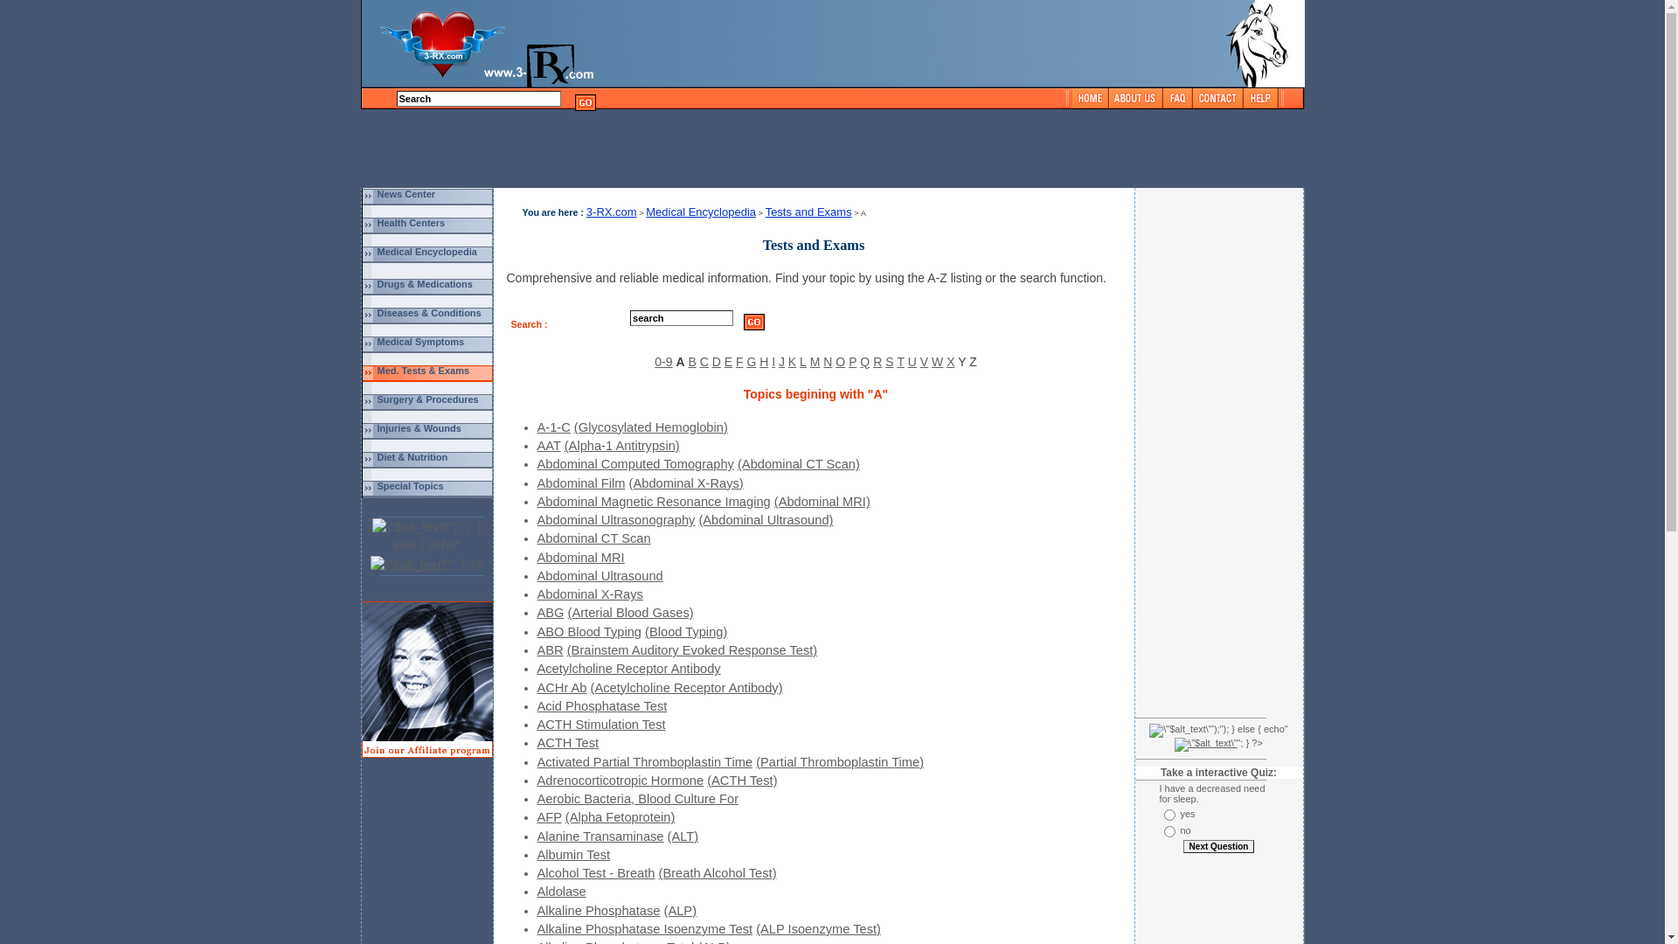  I want to click on 'O', so click(840, 360).